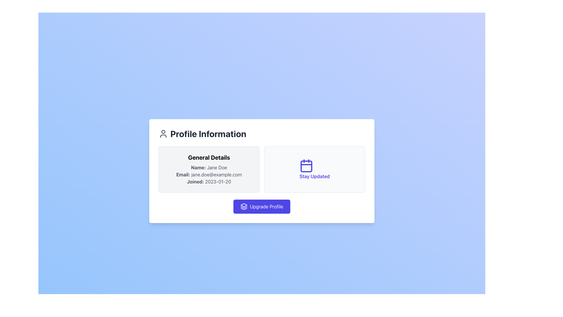 The image size is (563, 317). I want to click on email address displayed in the Static Text element located within the 'General Details' section, positioned between 'Name: Jane Doe' and 'Joined: 2023-01-20', so click(209, 174).